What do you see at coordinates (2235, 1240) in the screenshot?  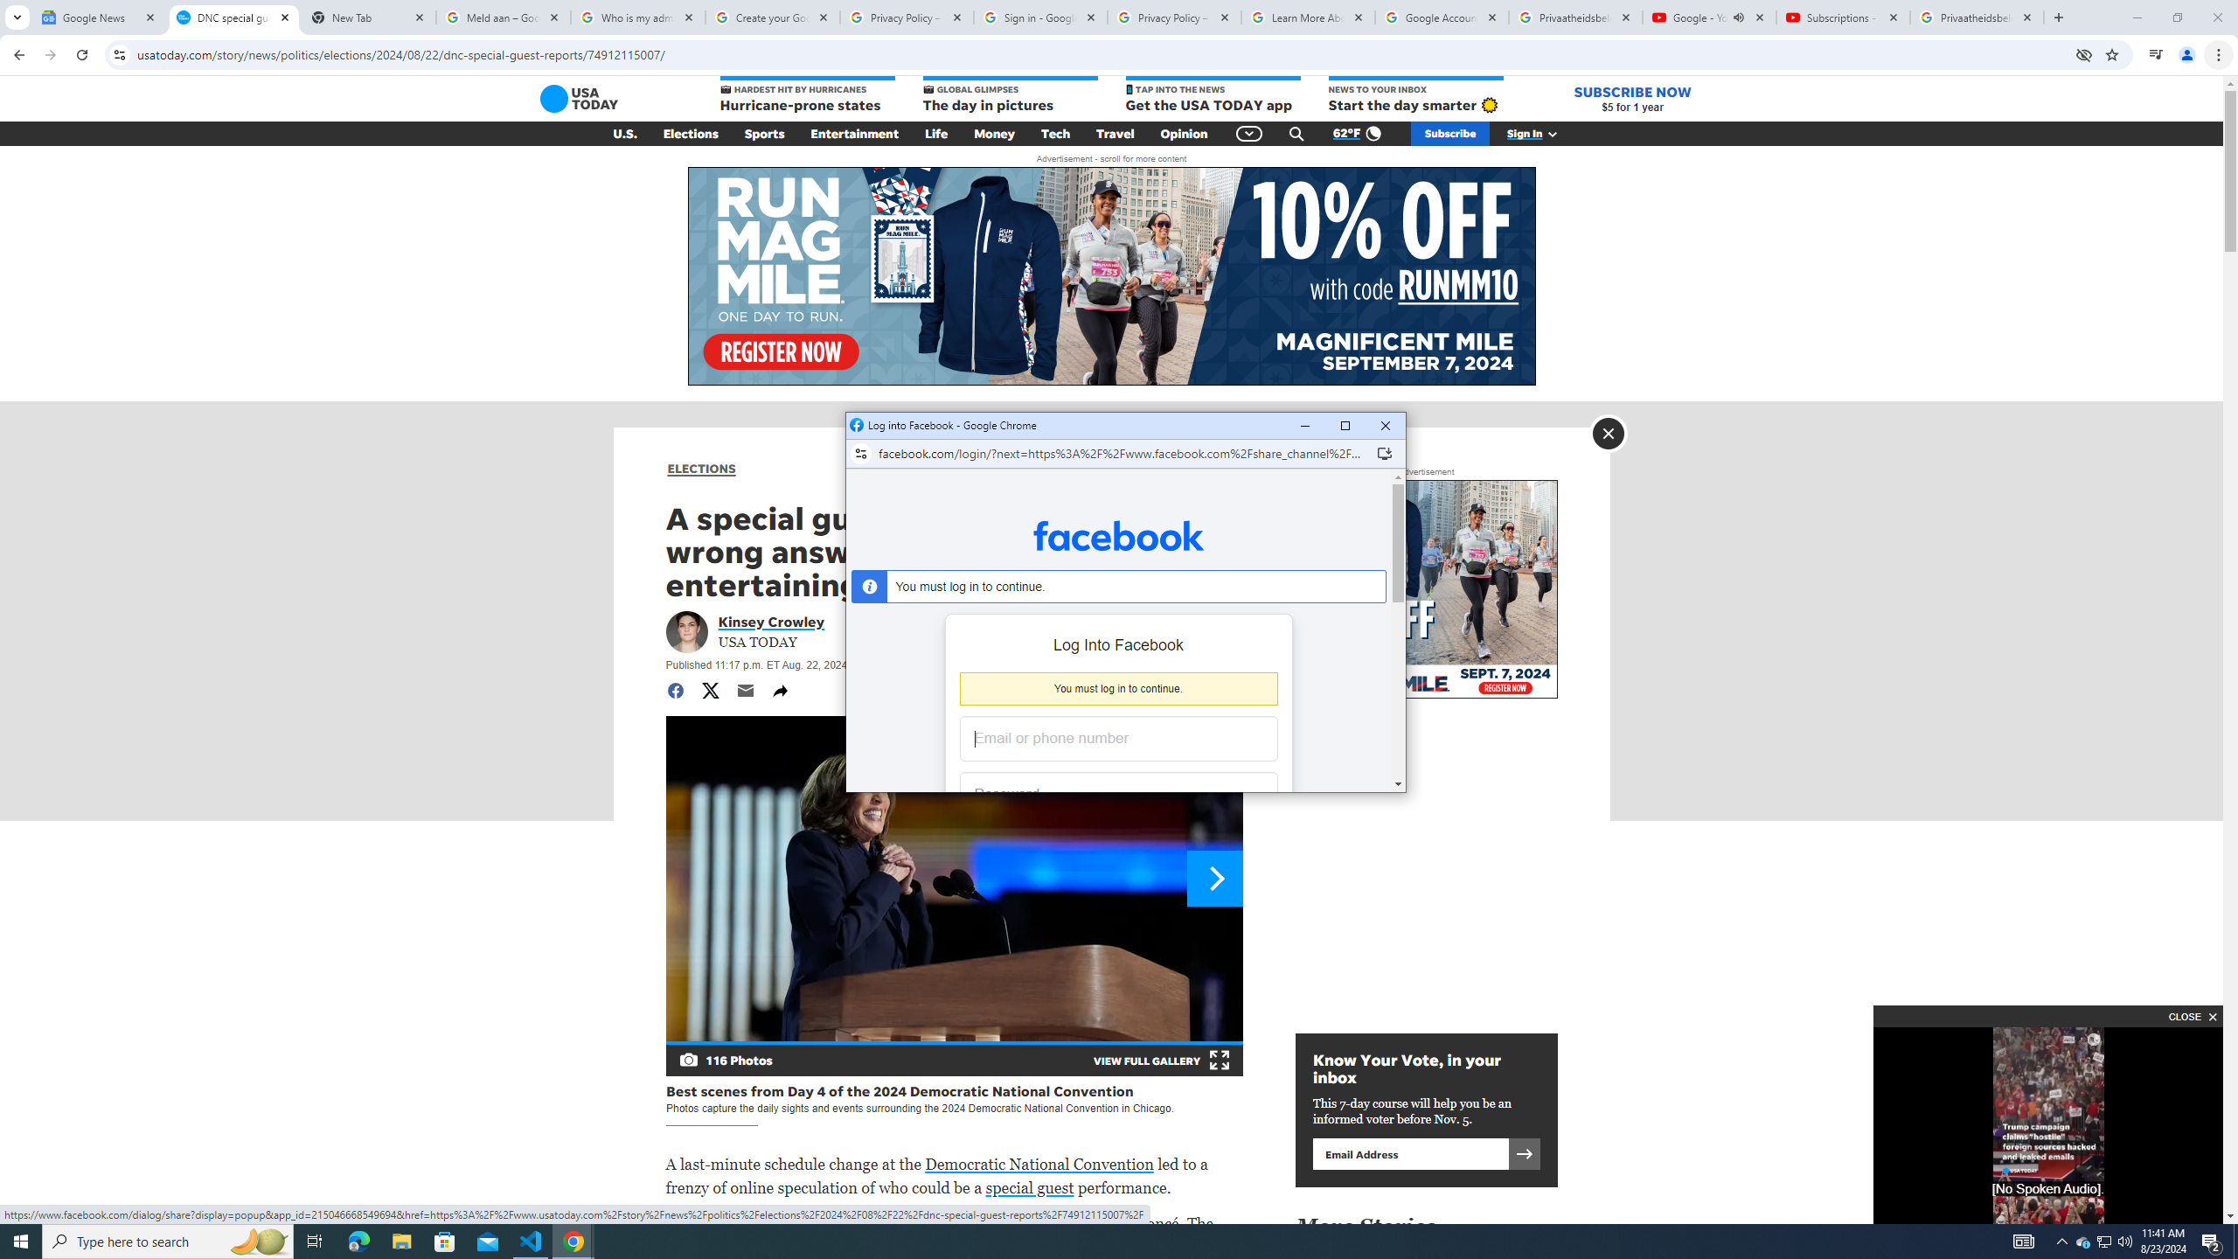 I see `'Show desktop'` at bounding box center [2235, 1240].